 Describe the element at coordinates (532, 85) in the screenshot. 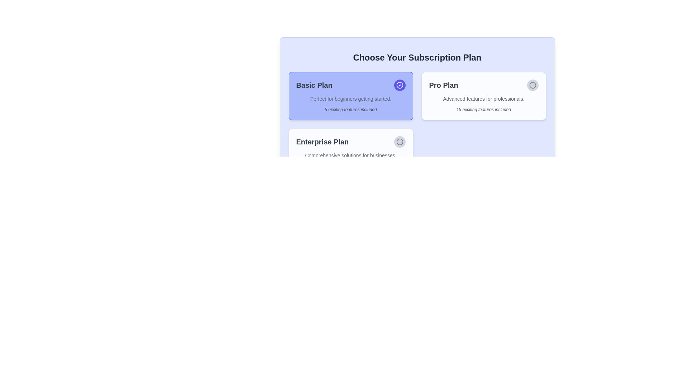

I see `to select the radio button located at the top-right corner inside the 'Pro Plan' card, adjacent to the title text` at that location.